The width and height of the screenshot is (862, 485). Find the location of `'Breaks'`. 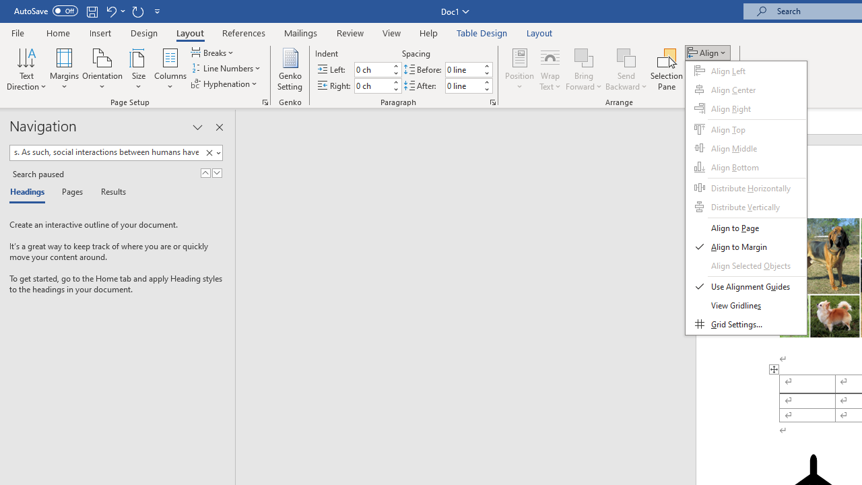

'Breaks' is located at coordinates (213, 52).